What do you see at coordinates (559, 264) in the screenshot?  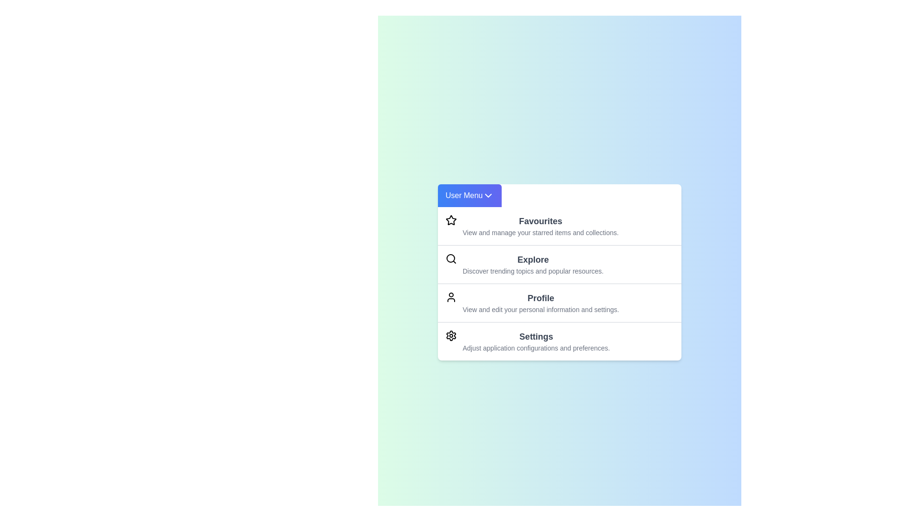 I see `the 'Explore' section in the user menu` at bounding box center [559, 264].